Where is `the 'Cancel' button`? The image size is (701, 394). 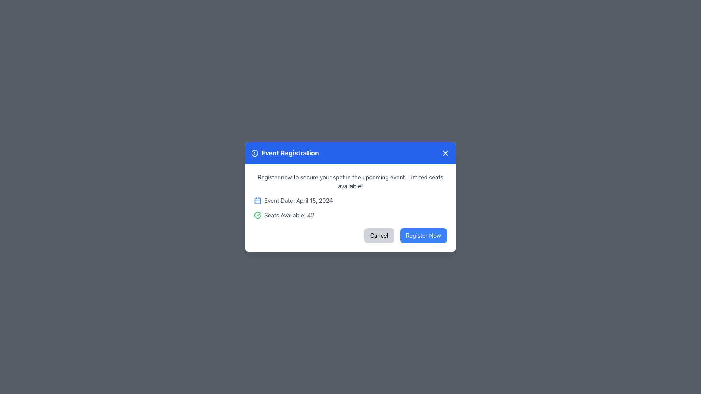 the 'Cancel' button is located at coordinates (379, 235).